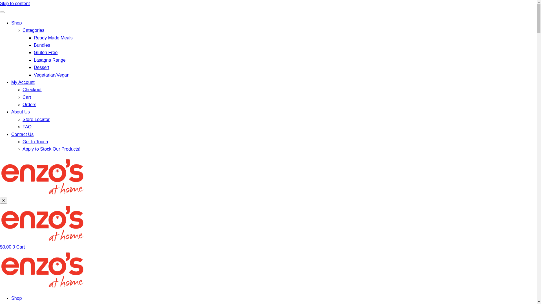  What do you see at coordinates (42, 222) in the screenshot?
I see `'Enzos at Home Logo'` at bounding box center [42, 222].